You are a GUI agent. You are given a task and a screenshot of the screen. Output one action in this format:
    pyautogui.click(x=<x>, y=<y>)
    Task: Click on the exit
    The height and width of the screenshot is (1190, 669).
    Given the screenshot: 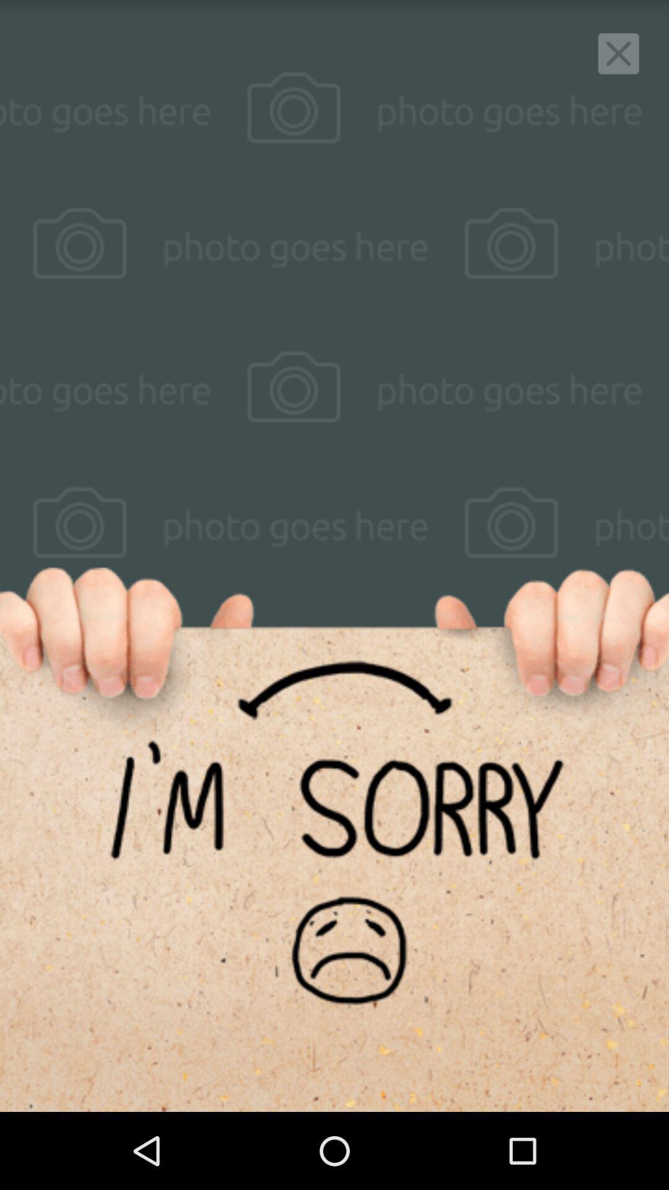 What is the action you would take?
    pyautogui.click(x=618, y=53)
    